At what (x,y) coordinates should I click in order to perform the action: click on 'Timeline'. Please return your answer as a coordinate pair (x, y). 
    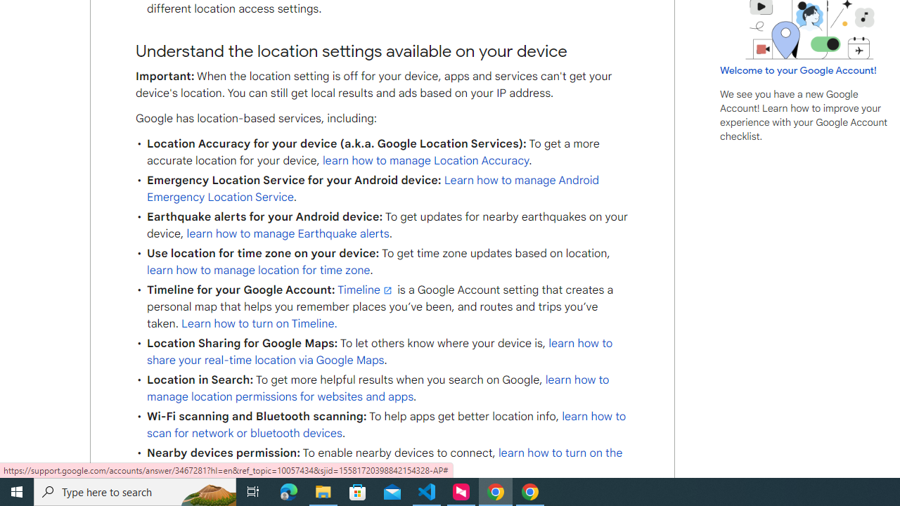
    Looking at the image, I should click on (366, 290).